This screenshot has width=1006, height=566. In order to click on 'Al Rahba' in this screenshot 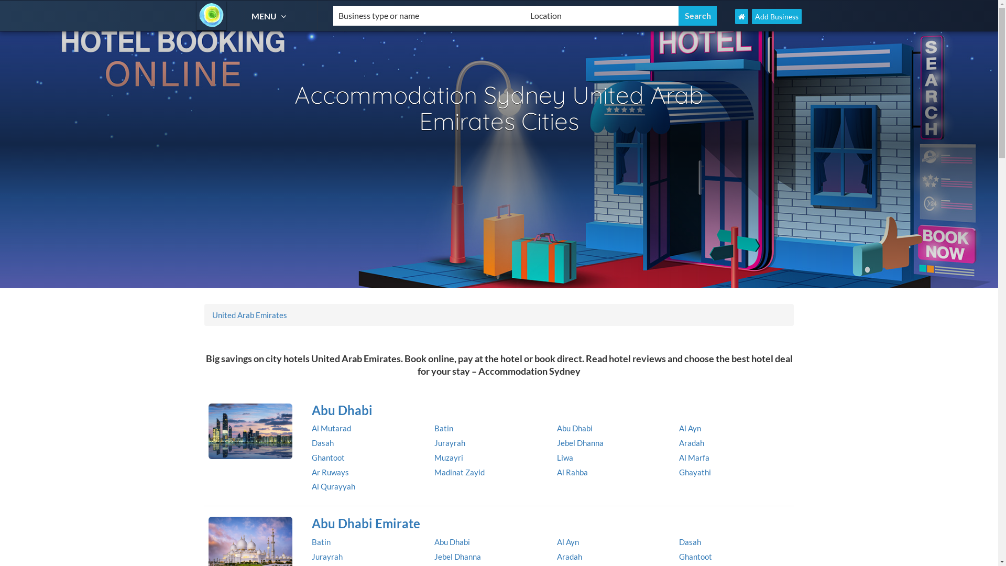, I will do `click(571, 472)`.